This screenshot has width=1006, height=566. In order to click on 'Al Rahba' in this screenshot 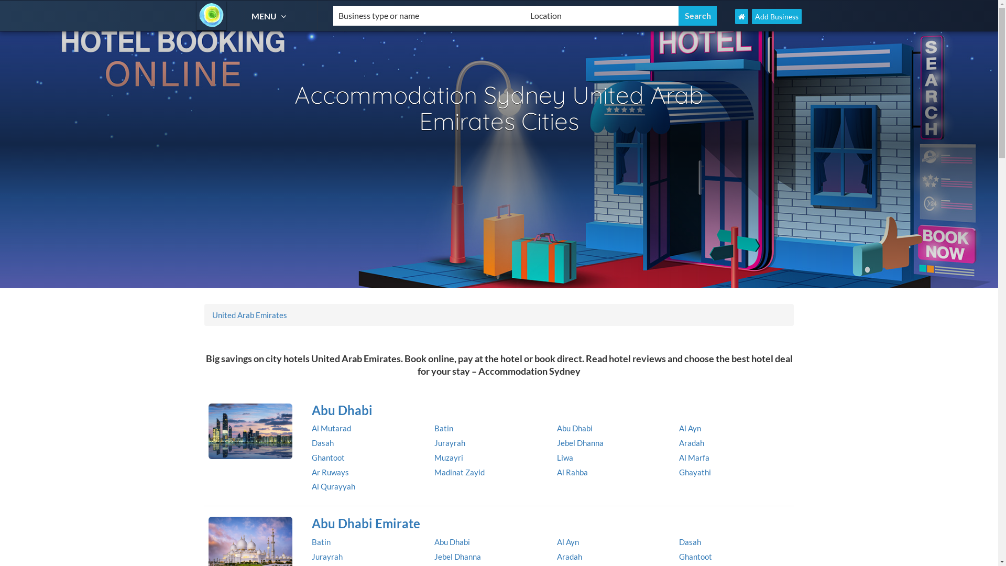, I will do `click(571, 472)`.